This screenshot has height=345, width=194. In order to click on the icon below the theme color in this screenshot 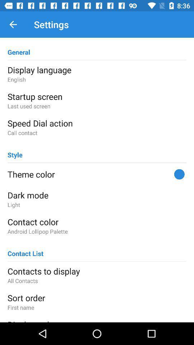, I will do `click(97, 195)`.